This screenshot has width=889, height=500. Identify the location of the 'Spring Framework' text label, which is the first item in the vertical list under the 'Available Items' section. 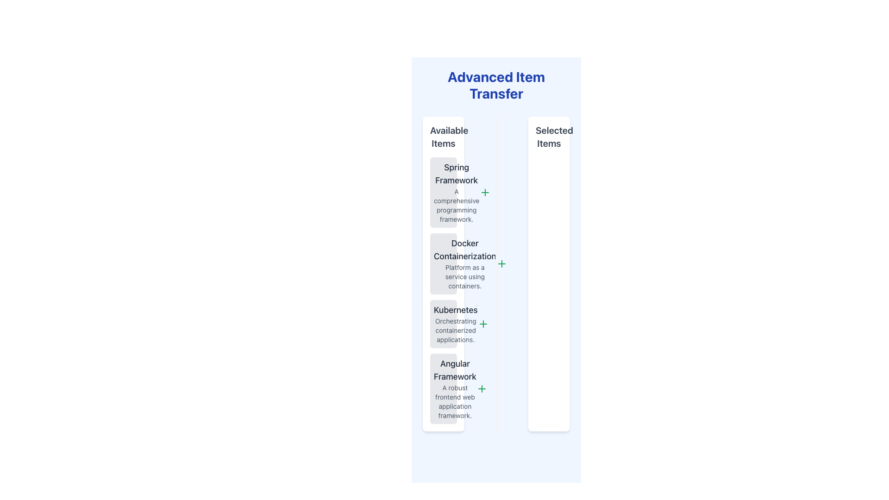
(457, 174).